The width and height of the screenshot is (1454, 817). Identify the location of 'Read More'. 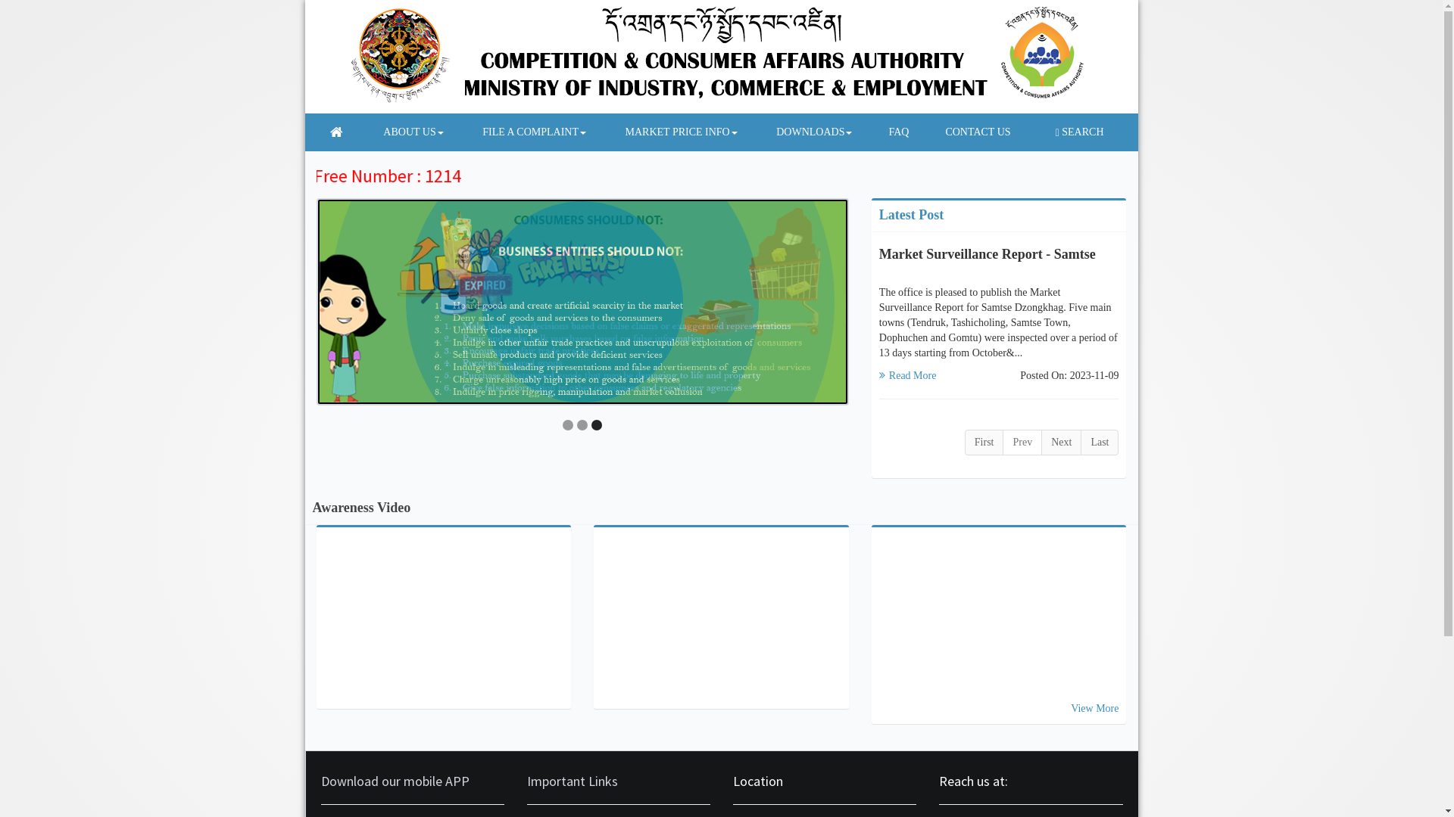
(908, 374).